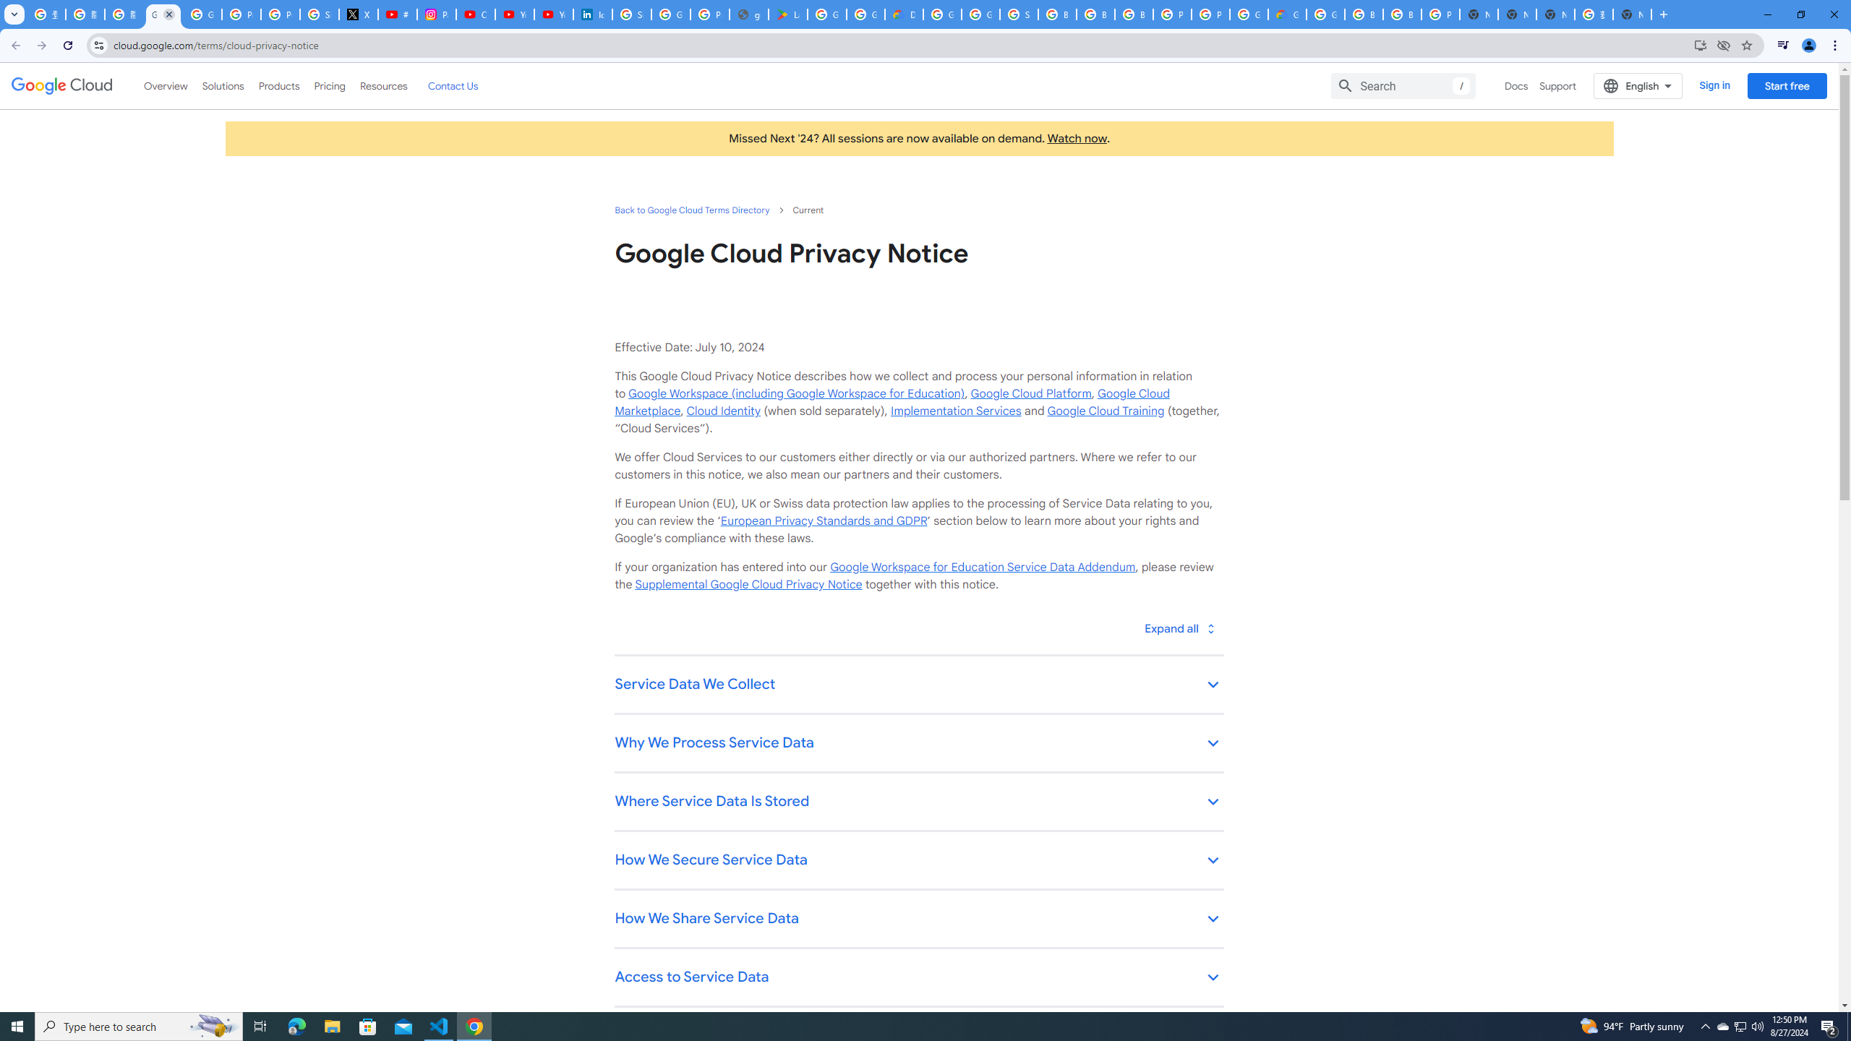  I want to click on 'Docs', so click(1516, 85).